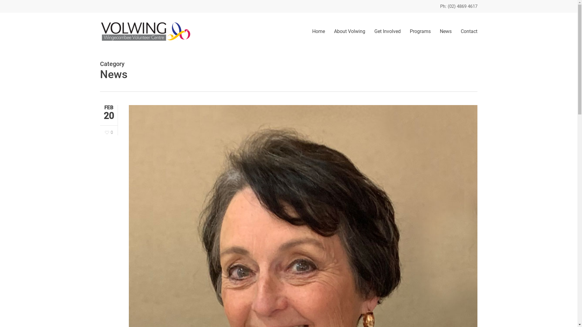 This screenshot has height=327, width=582. I want to click on 'News', so click(446, 31).